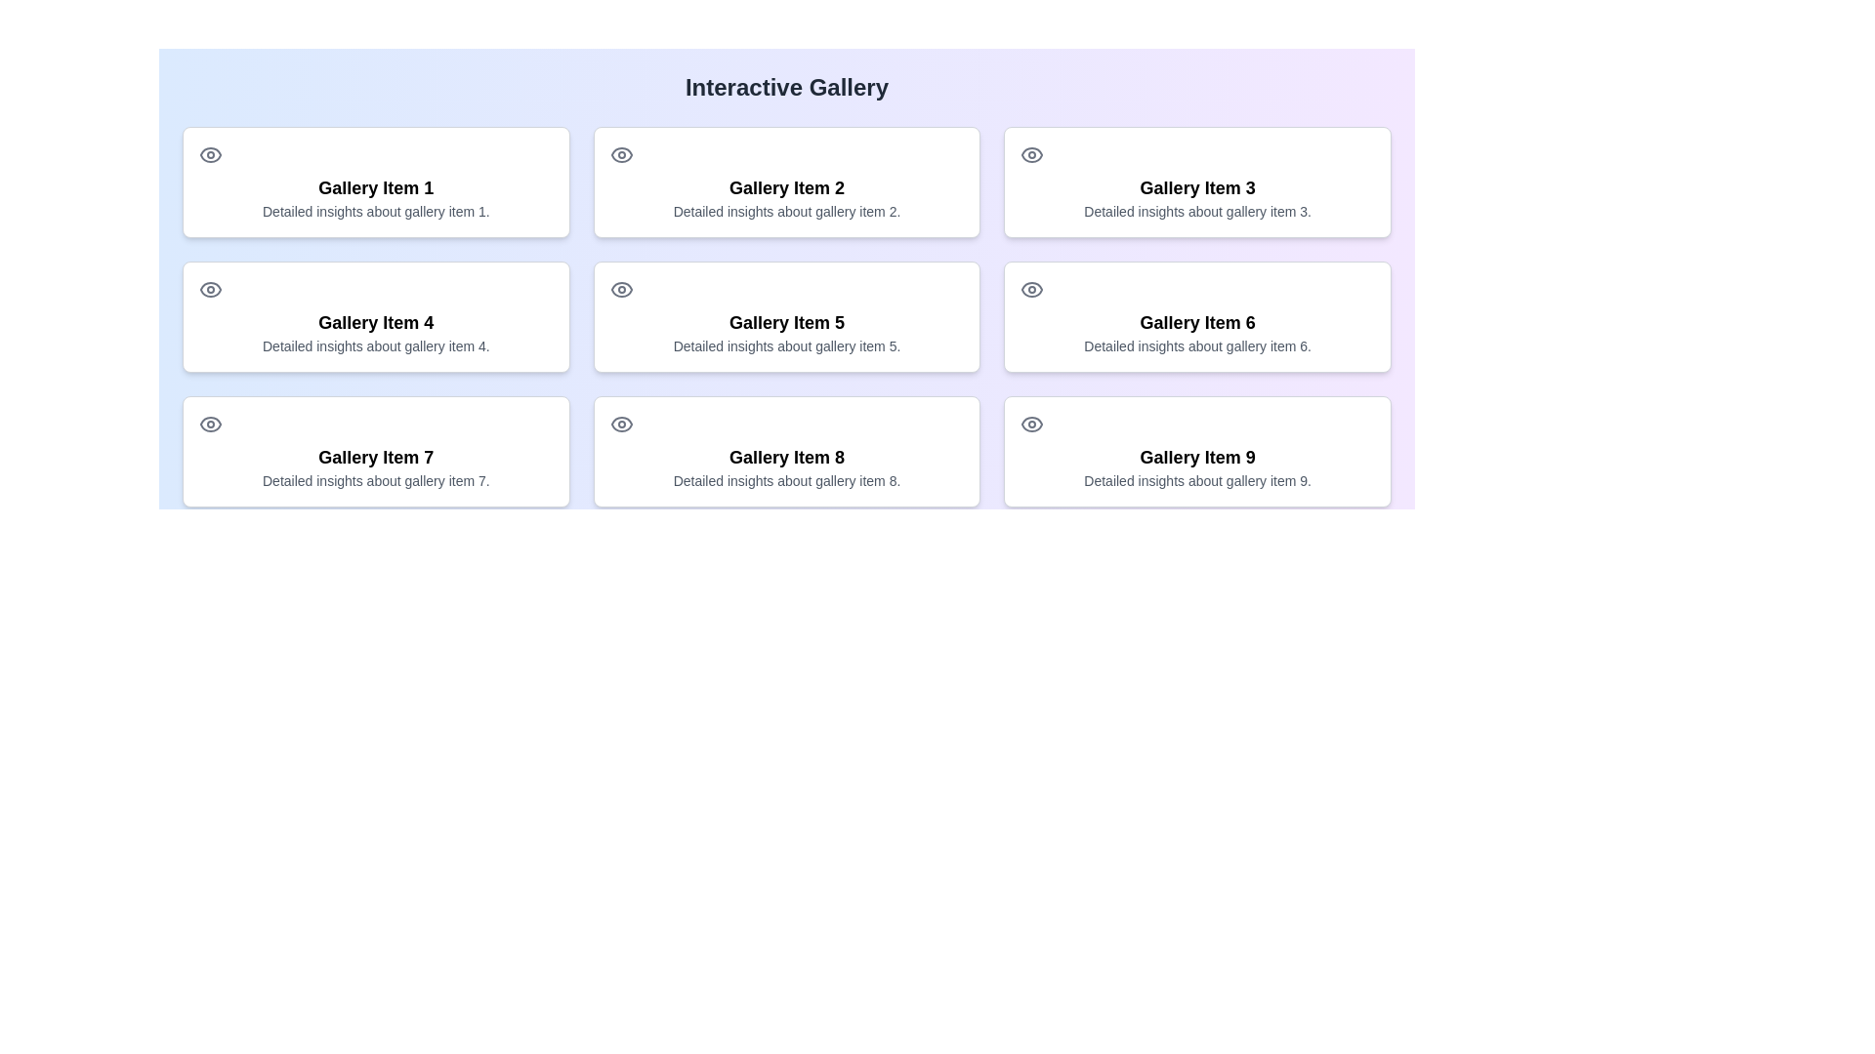  I want to click on the text label styled in small gray font located under the header 'Gallery Item 4' within the bordered card, so click(376, 345).